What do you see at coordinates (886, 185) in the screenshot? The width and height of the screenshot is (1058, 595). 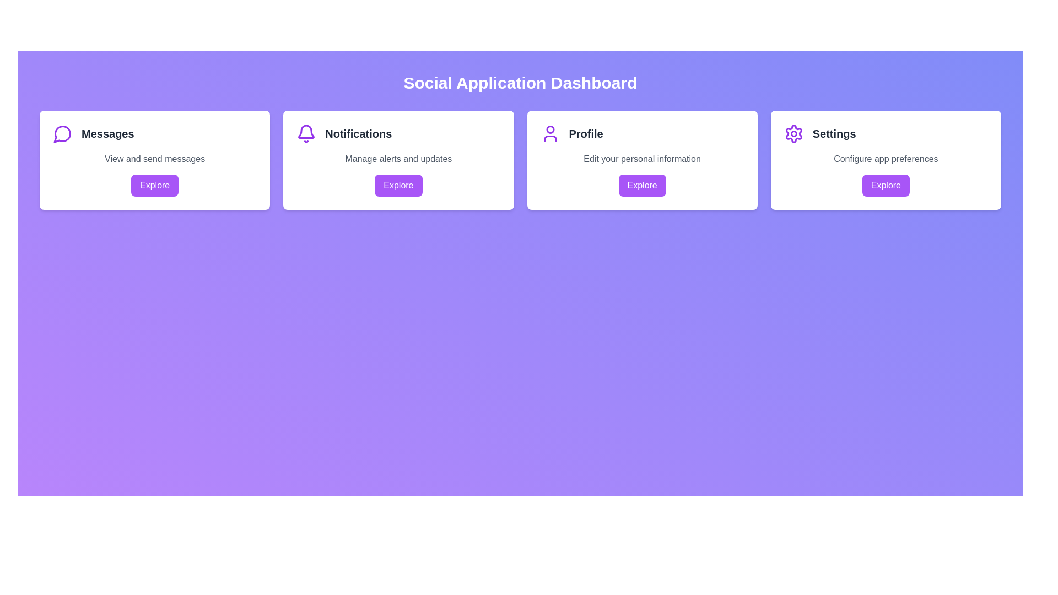 I see `the 'Explore' button with a purple background located at the bottom of the 'Settings' card` at bounding box center [886, 185].